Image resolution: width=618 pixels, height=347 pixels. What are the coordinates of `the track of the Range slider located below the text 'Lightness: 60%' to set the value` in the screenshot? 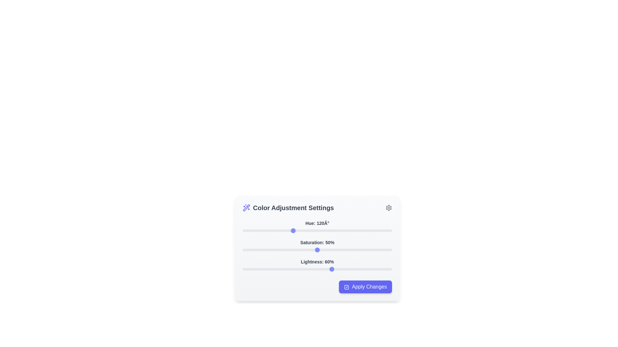 It's located at (317, 269).